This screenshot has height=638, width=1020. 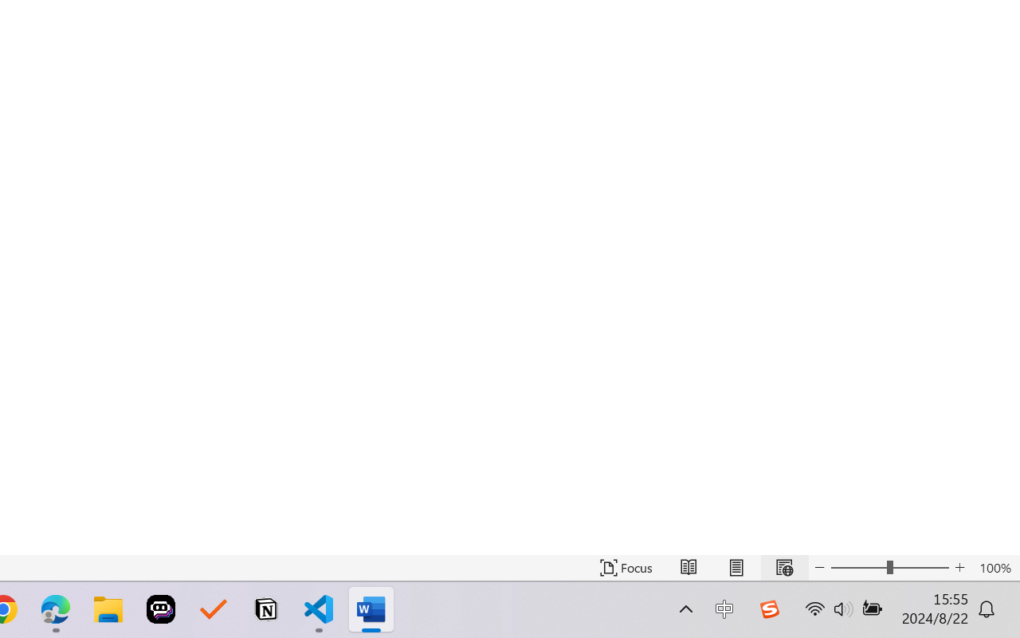 I want to click on 'Zoom 100%', so click(x=994, y=567).